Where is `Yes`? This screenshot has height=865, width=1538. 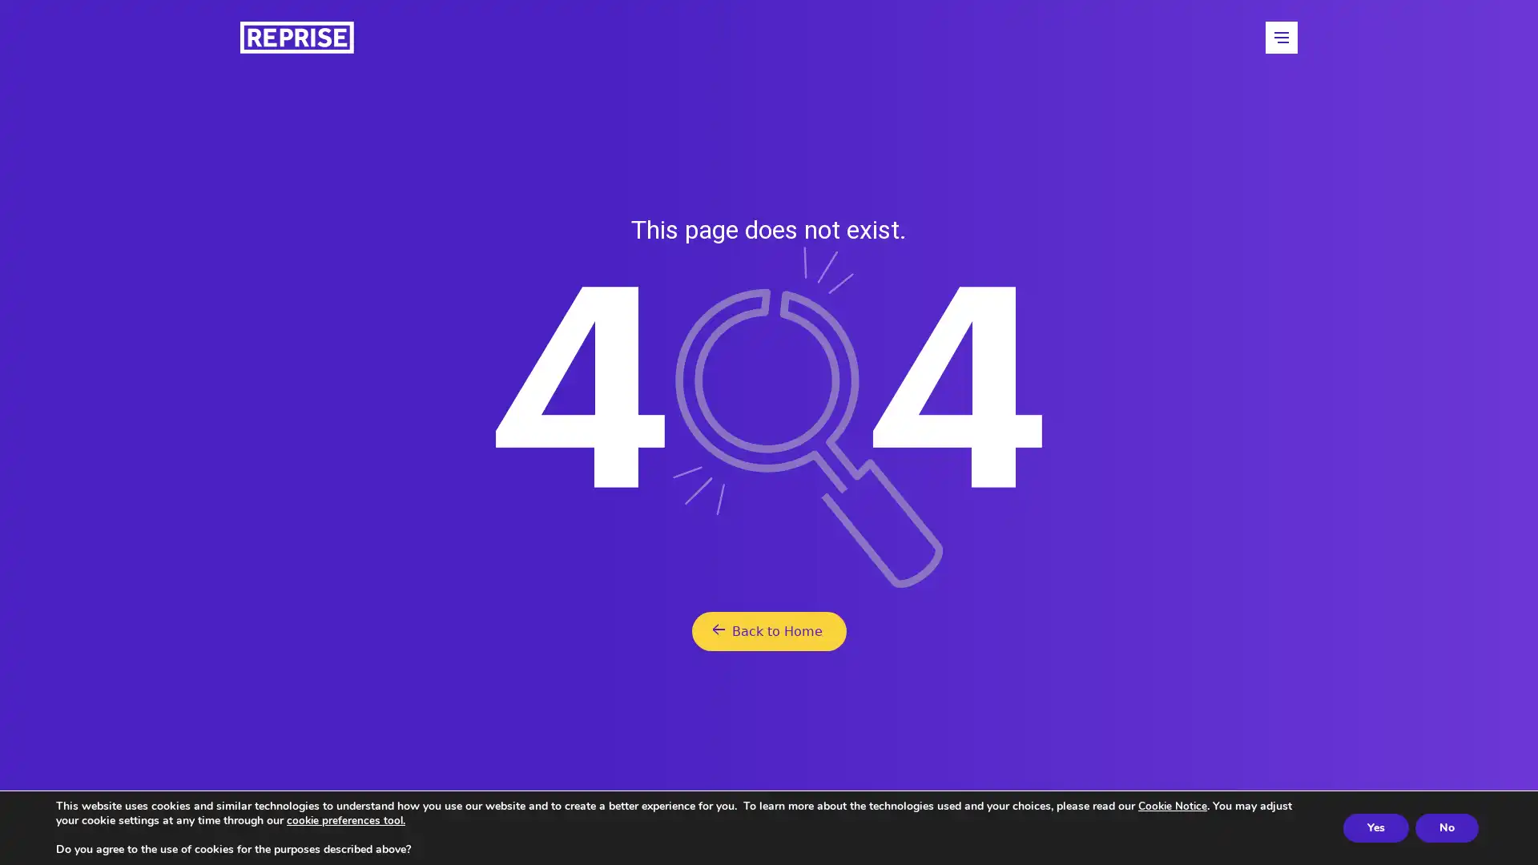
Yes is located at coordinates (1375, 827).